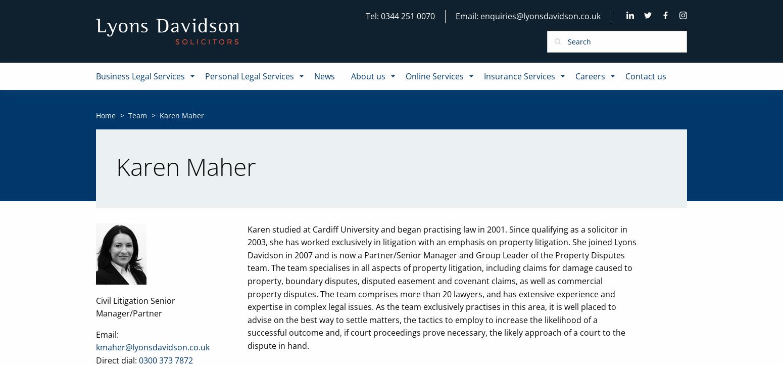  What do you see at coordinates (645, 76) in the screenshot?
I see `'Contact us'` at bounding box center [645, 76].